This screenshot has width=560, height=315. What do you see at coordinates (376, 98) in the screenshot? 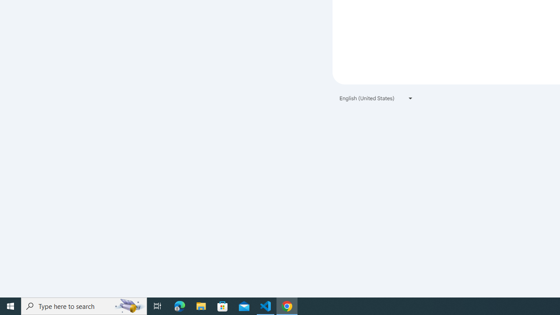
I see `'English (United States)'` at bounding box center [376, 98].